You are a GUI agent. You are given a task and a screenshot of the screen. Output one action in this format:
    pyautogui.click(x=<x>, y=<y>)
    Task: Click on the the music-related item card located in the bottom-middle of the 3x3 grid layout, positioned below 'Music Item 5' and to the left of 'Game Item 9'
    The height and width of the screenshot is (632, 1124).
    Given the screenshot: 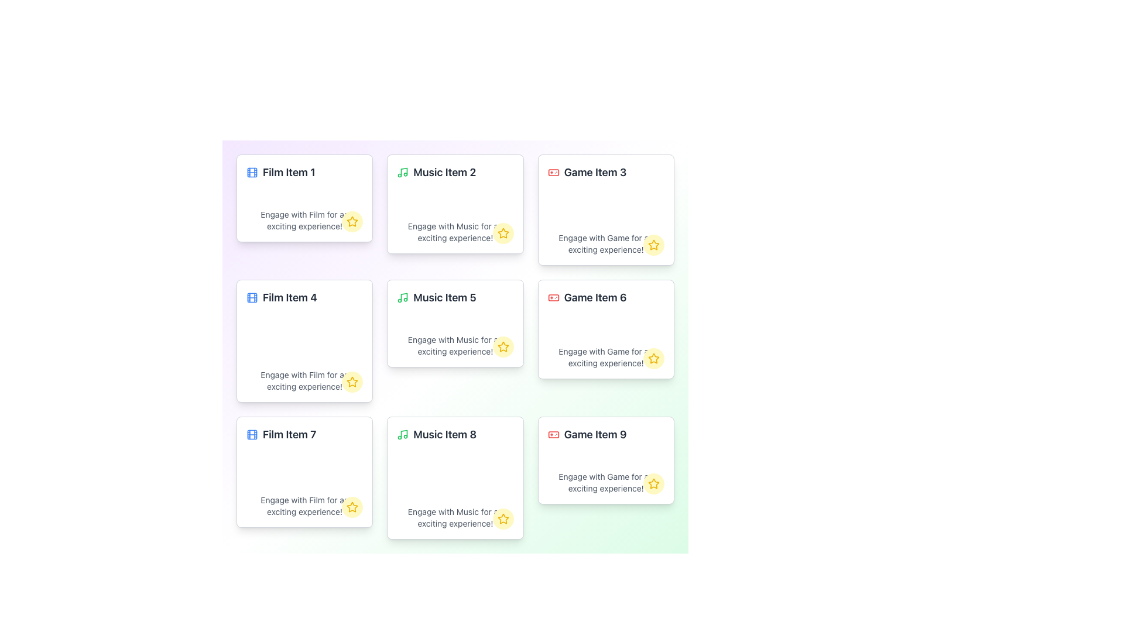 What is the action you would take?
    pyautogui.click(x=454, y=478)
    